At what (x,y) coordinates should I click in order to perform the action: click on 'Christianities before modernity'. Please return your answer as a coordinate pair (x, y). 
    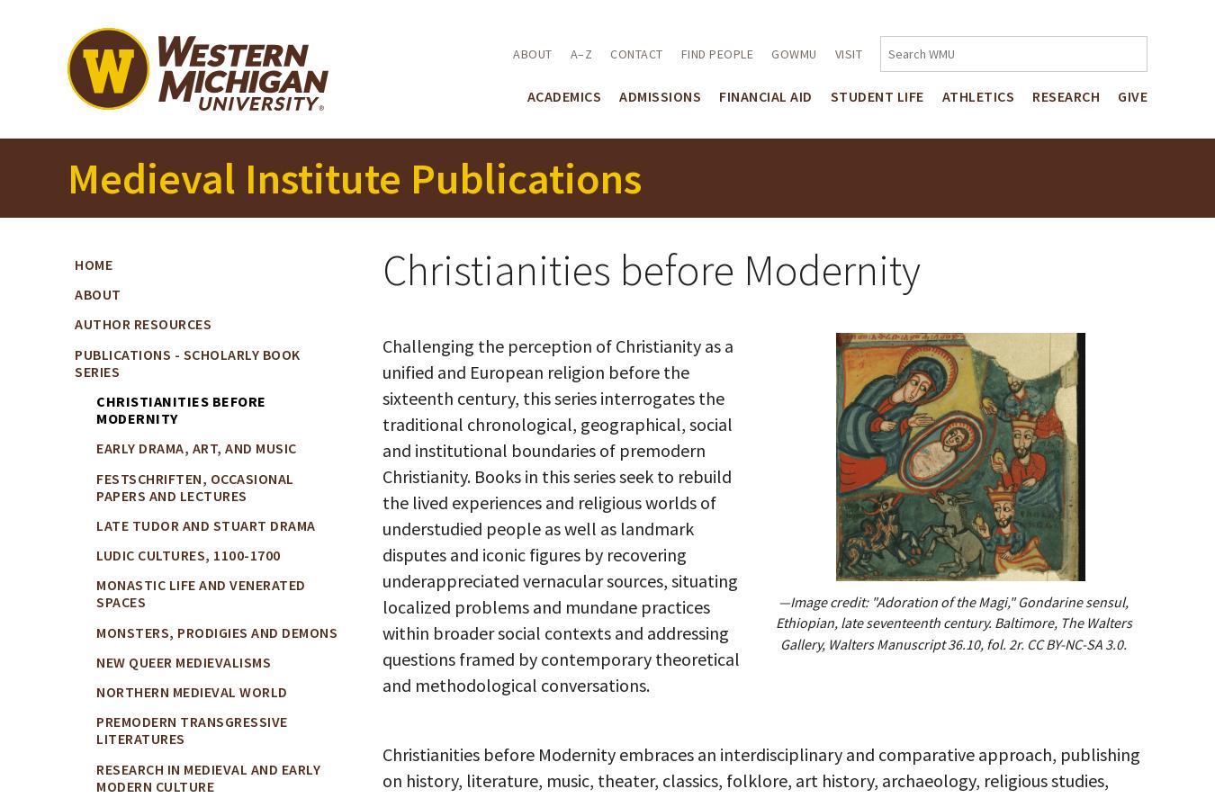
    Looking at the image, I should click on (181, 408).